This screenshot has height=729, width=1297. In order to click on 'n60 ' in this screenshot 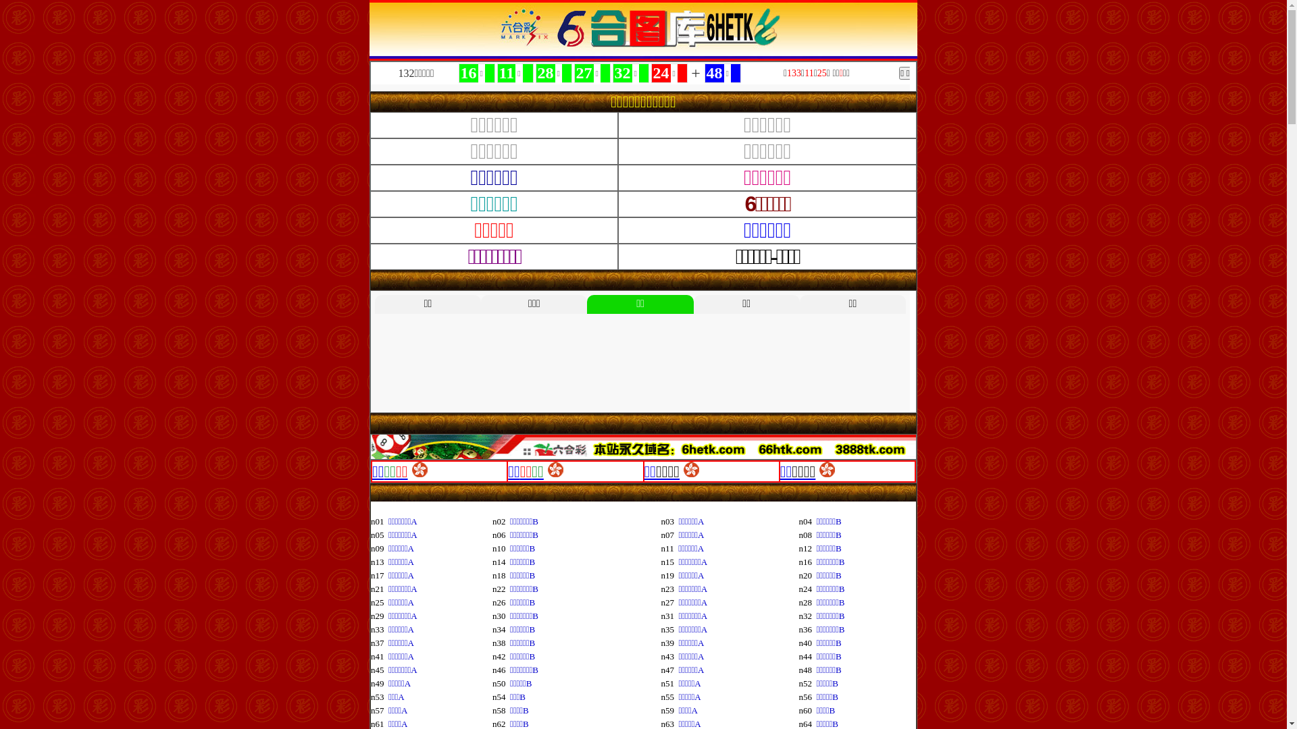, I will do `click(807, 709)`.